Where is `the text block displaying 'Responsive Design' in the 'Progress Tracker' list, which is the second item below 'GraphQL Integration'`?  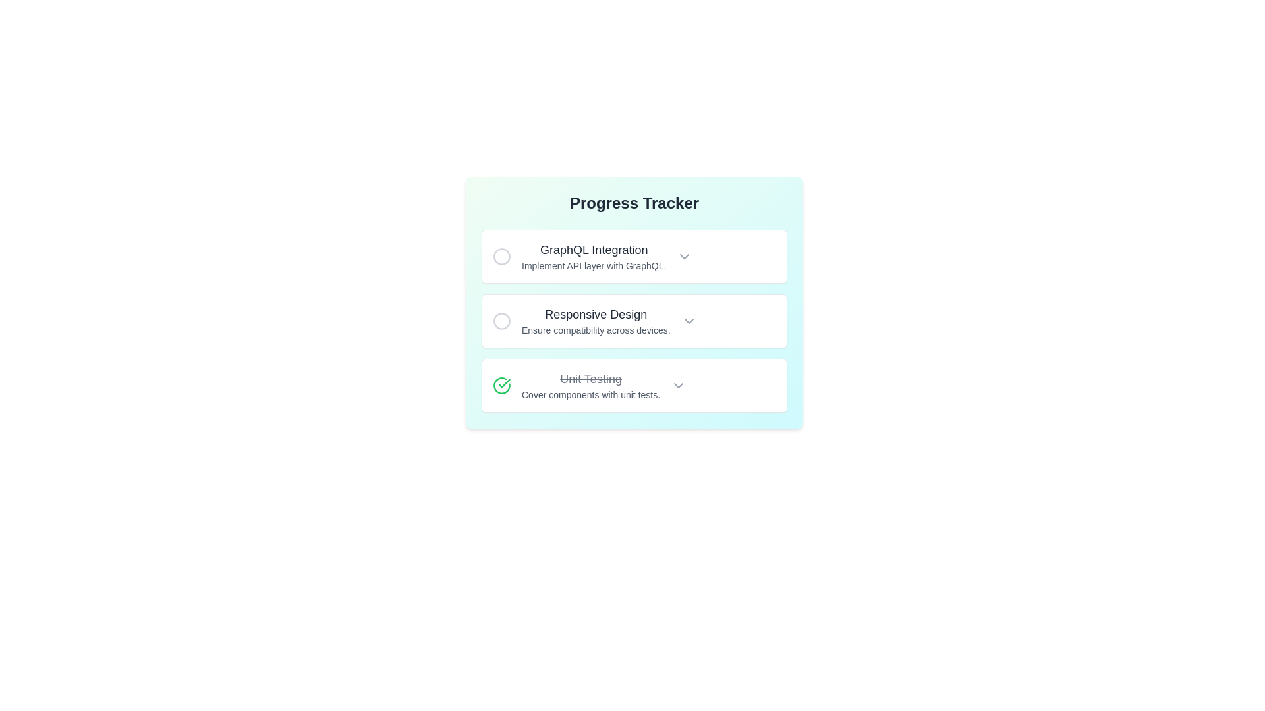
the text block displaying 'Responsive Design' in the 'Progress Tracker' list, which is the second item below 'GraphQL Integration' is located at coordinates (595, 321).